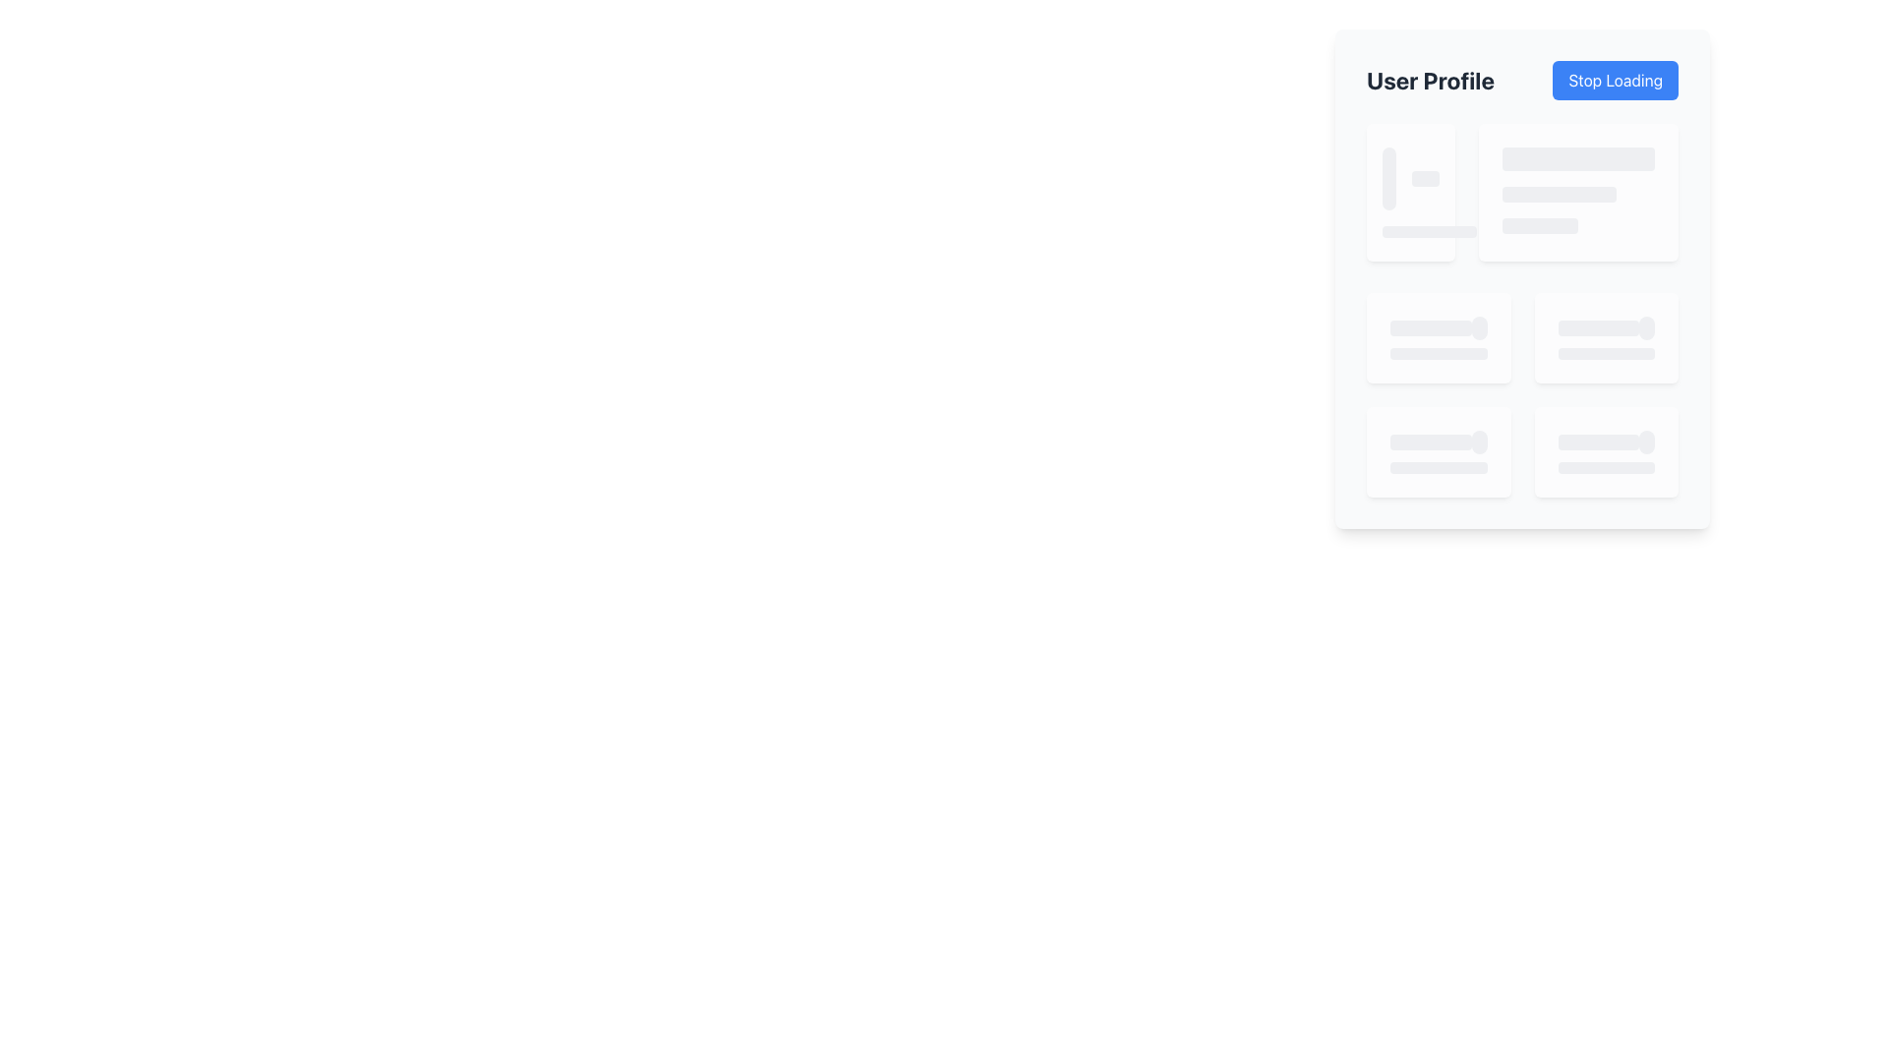  I want to click on the loading animation of the card placeholder located in the 'User Profile' section, specifically the card at position 3 in the bottom-left quadrant, so click(1439, 451).